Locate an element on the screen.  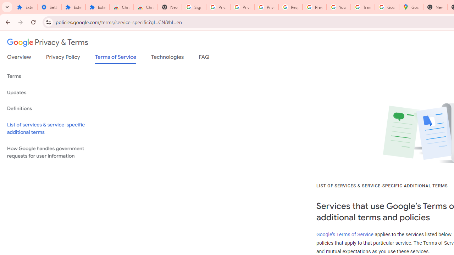
'How Google handles government requests for user information' is located at coordinates (54, 152).